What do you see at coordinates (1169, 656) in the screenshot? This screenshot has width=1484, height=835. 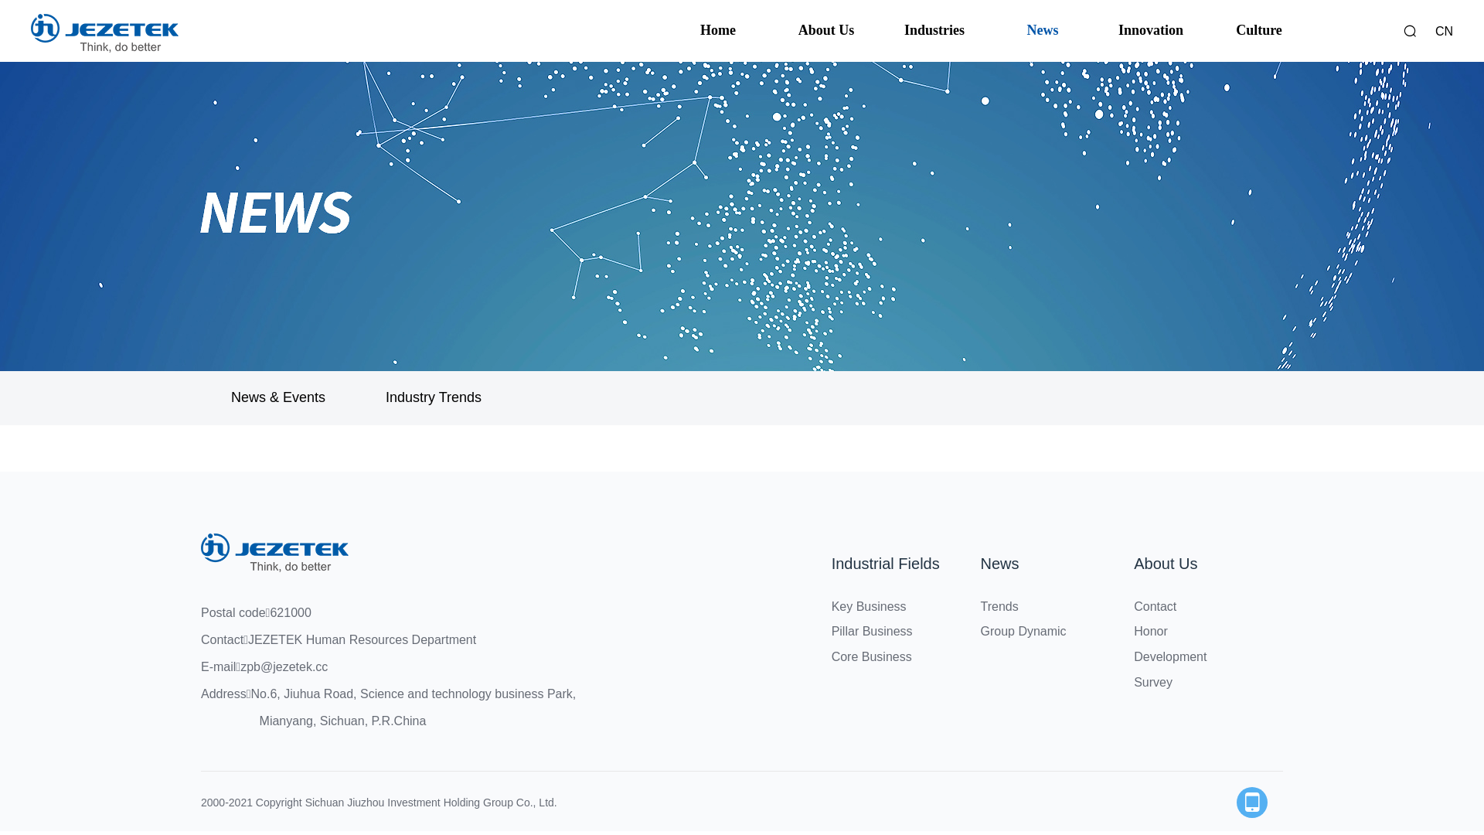 I see `'Development'` at bounding box center [1169, 656].